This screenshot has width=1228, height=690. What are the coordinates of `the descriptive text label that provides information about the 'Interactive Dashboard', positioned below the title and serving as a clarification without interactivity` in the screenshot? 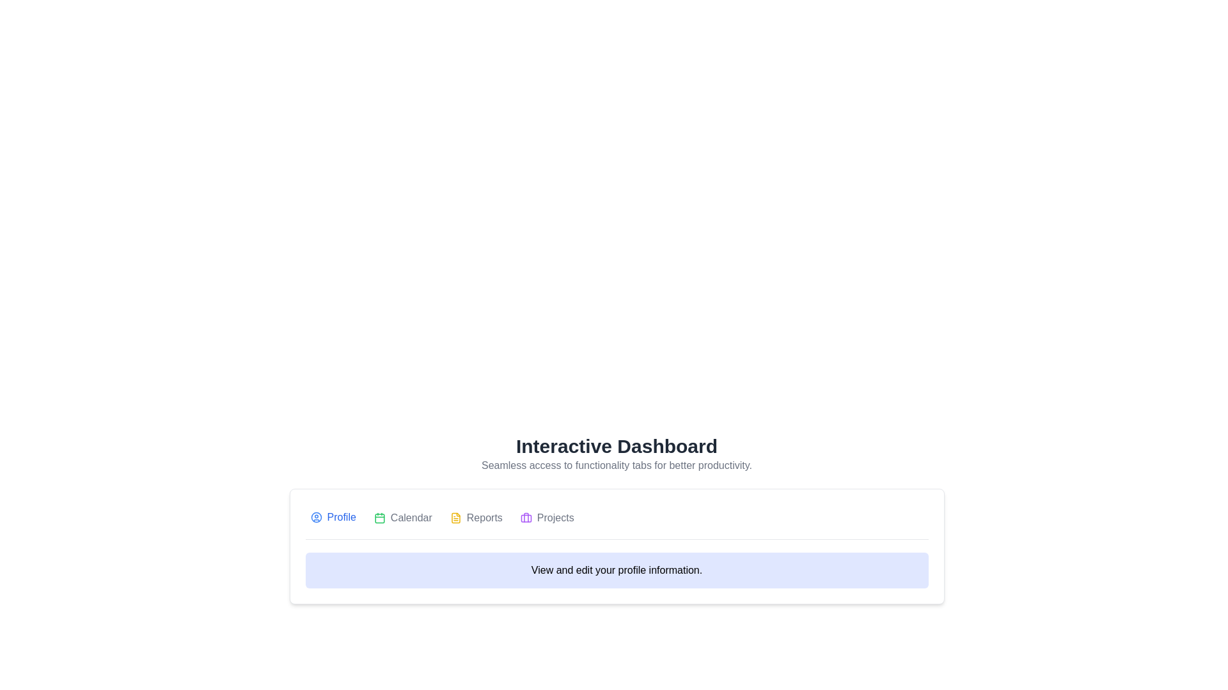 It's located at (617, 466).